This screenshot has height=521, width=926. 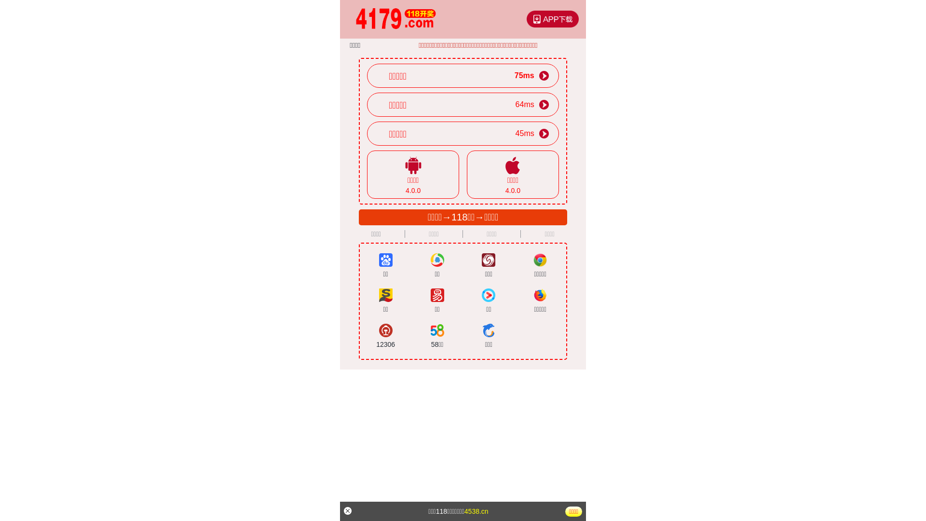 What do you see at coordinates (385, 336) in the screenshot?
I see `'12306'` at bounding box center [385, 336].